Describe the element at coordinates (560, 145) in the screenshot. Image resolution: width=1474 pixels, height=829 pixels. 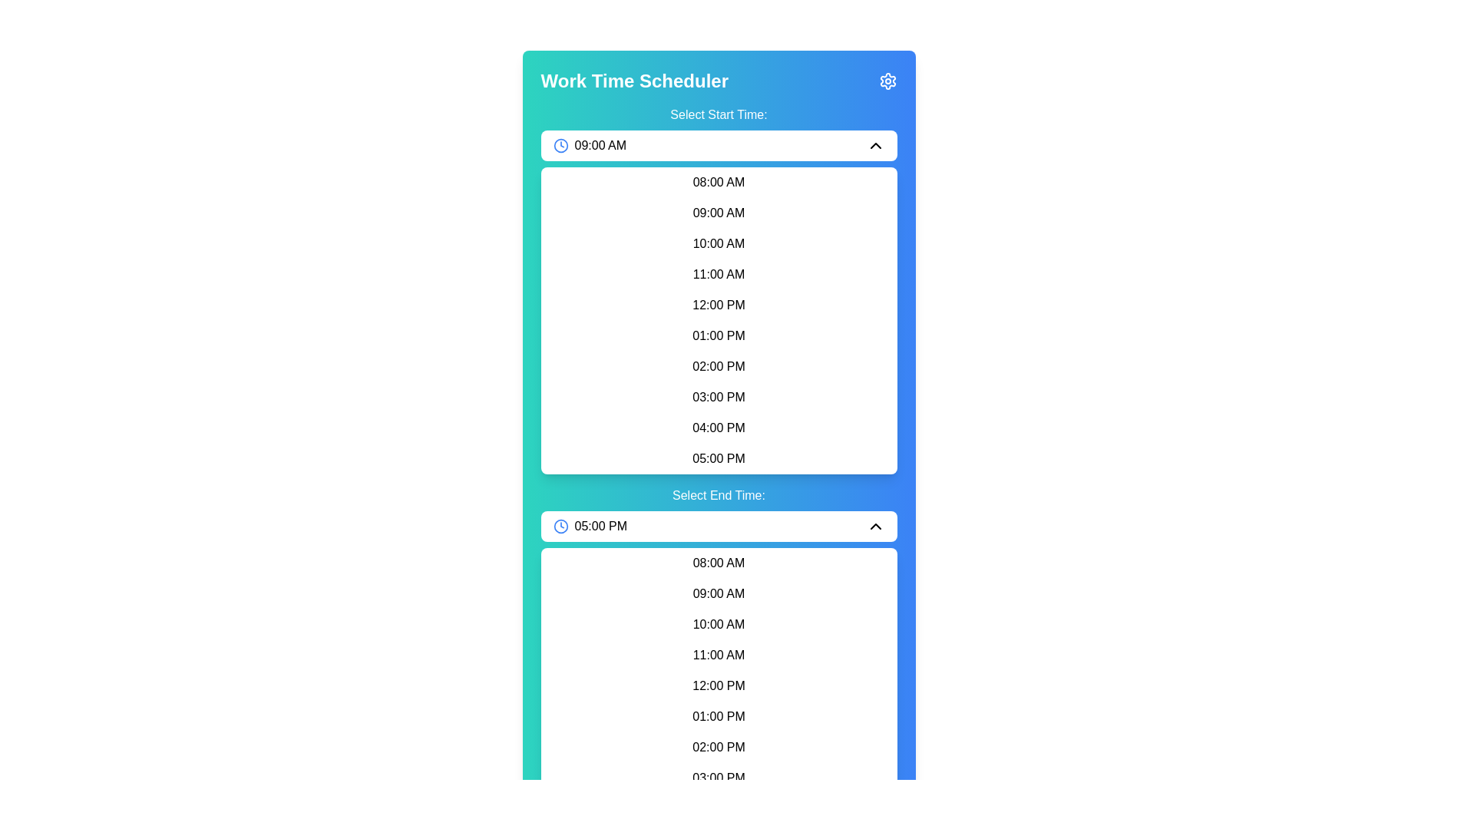
I see `the outer circular boundary of the SVG clock icon located to the left of the time text '09:00 AM' in the 'Select Start Time' section` at that location.